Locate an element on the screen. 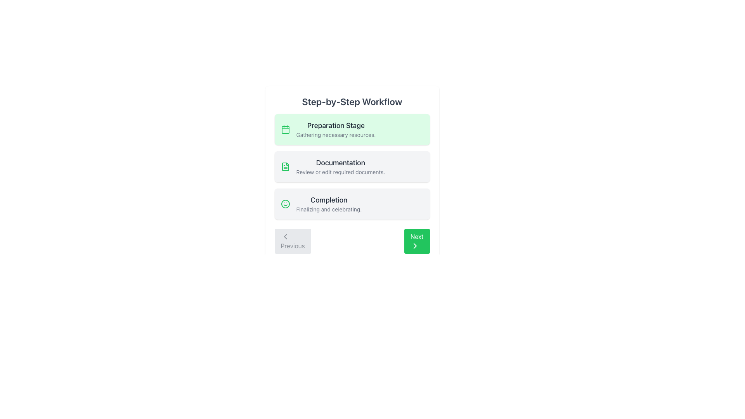  the document icon, which is a minimalist graphic representation with a folded top-left corner, centrally located within a larger file icon is located at coordinates (285, 166).